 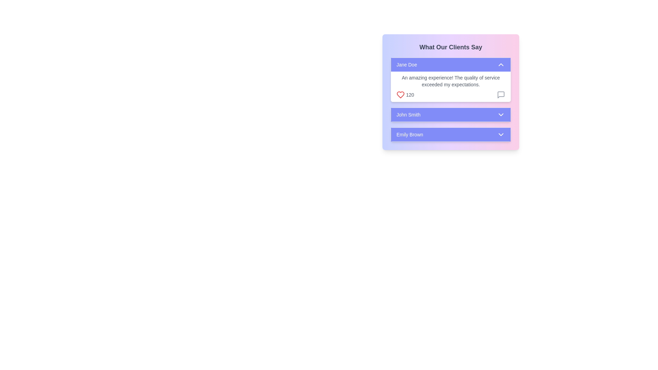 I want to click on numerical value '120' displayed to the immediate right of the heart icon in the 'What Our Clients Say' section, so click(x=410, y=95).